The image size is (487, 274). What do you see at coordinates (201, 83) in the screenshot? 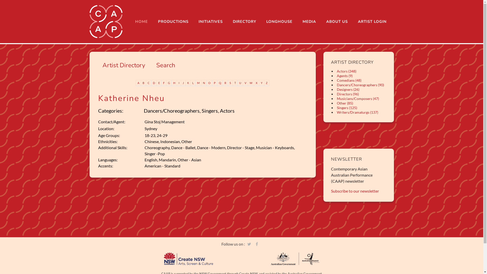
I see `'N'` at bounding box center [201, 83].